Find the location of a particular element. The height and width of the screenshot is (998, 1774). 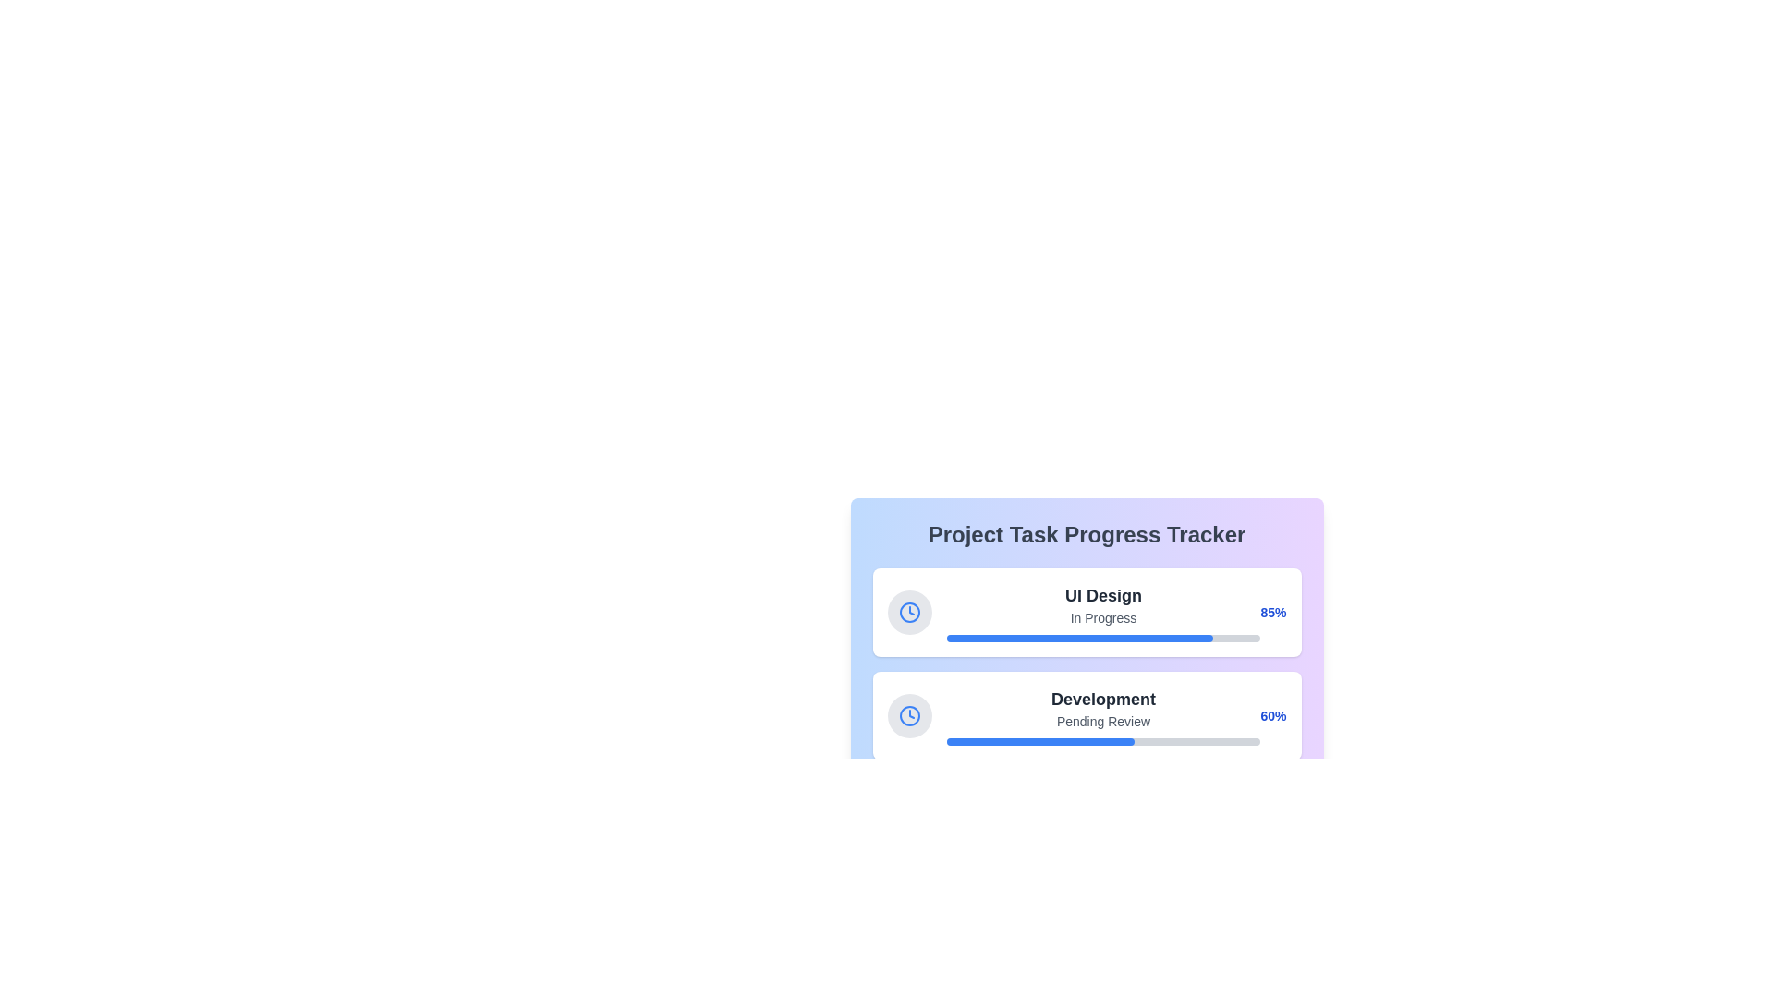

the horizontal progress bar located in the 'UI Design' section, which is styled with a light gray background and a blue segment covering 85% of its length is located at coordinates (1103, 637).